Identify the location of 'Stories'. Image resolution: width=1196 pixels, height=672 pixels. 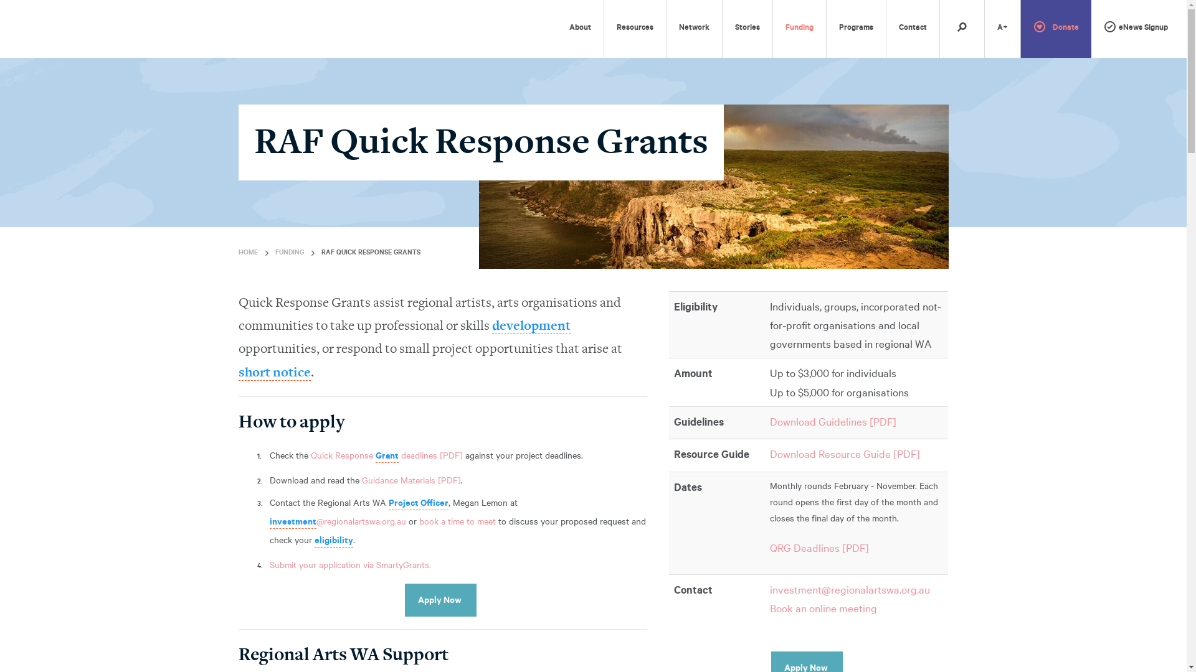
(747, 28).